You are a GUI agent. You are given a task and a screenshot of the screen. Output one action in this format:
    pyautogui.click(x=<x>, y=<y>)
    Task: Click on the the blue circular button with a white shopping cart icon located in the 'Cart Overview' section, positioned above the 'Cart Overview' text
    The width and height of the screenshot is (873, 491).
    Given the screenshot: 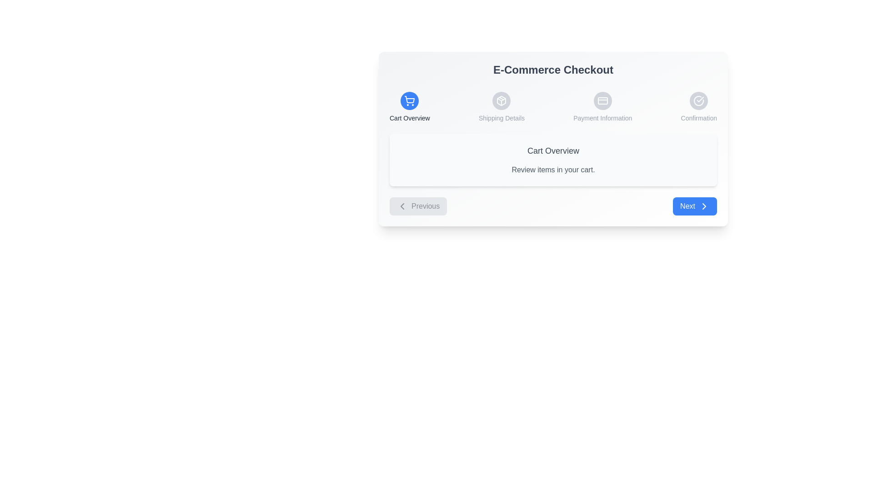 What is the action you would take?
    pyautogui.click(x=409, y=101)
    